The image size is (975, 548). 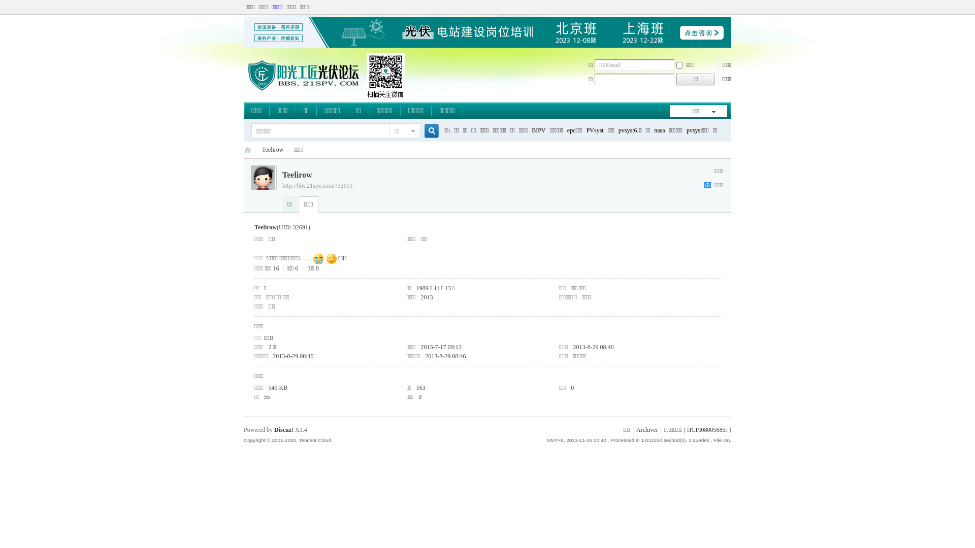 What do you see at coordinates (274, 430) in the screenshot?
I see `'Discuz!'` at bounding box center [274, 430].